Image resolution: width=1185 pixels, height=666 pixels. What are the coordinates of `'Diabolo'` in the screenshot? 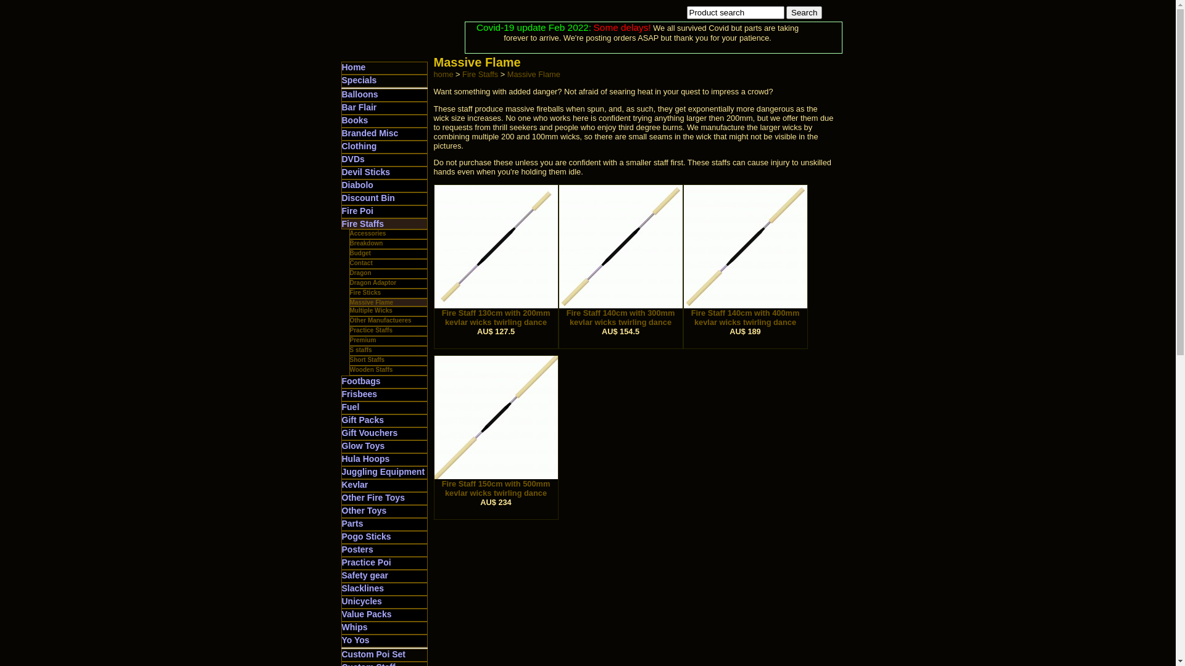 It's located at (357, 185).